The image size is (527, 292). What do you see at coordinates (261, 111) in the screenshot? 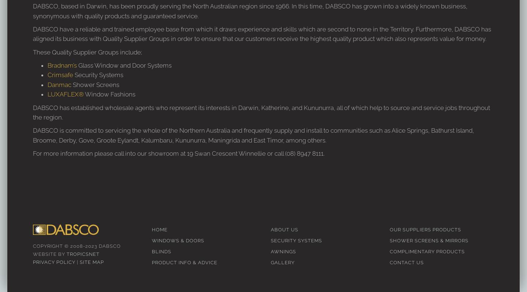
I see `'DABSCO has established wholesale agents who represent its interests in Darwin, Katherine, and Kununurra, all of which help to source and service jobs throughout the region.'` at bounding box center [261, 111].